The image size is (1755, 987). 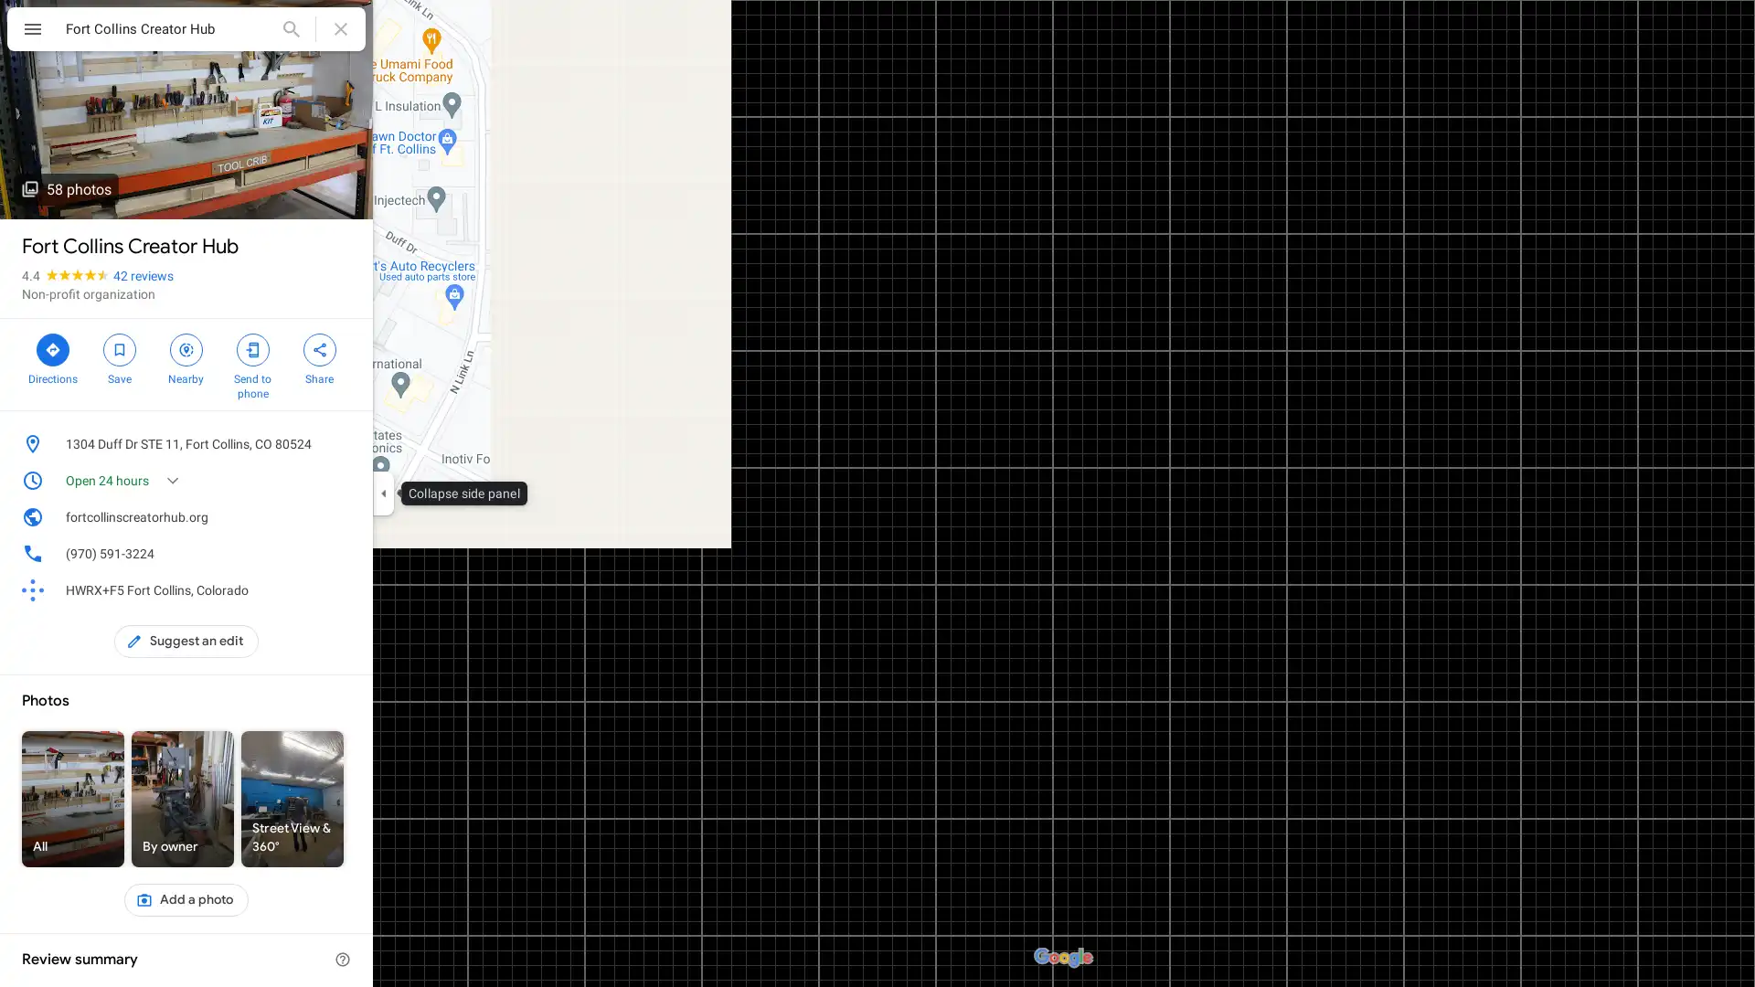 What do you see at coordinates (186, 898) in the screenshot?
I see `Add a photo` at bounding box center [186, 898].